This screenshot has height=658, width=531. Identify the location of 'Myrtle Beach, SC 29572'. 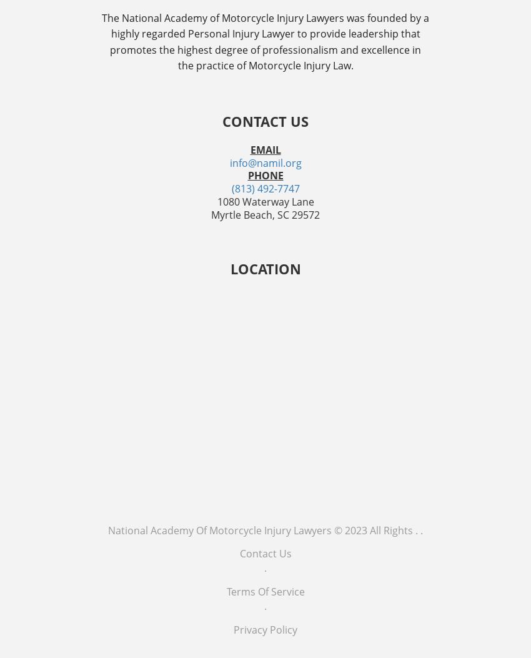
(265, 213).